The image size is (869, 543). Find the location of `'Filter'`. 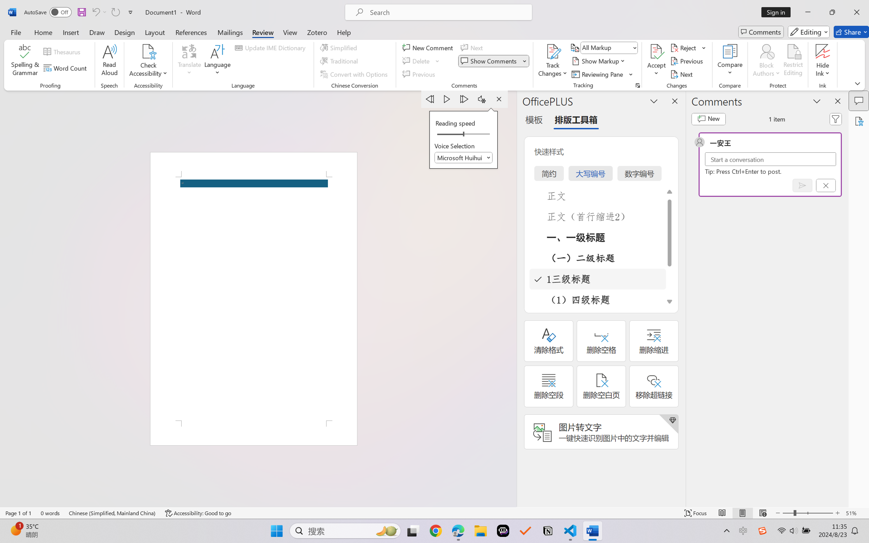

'Filter' is located at coordinates (836, 119).